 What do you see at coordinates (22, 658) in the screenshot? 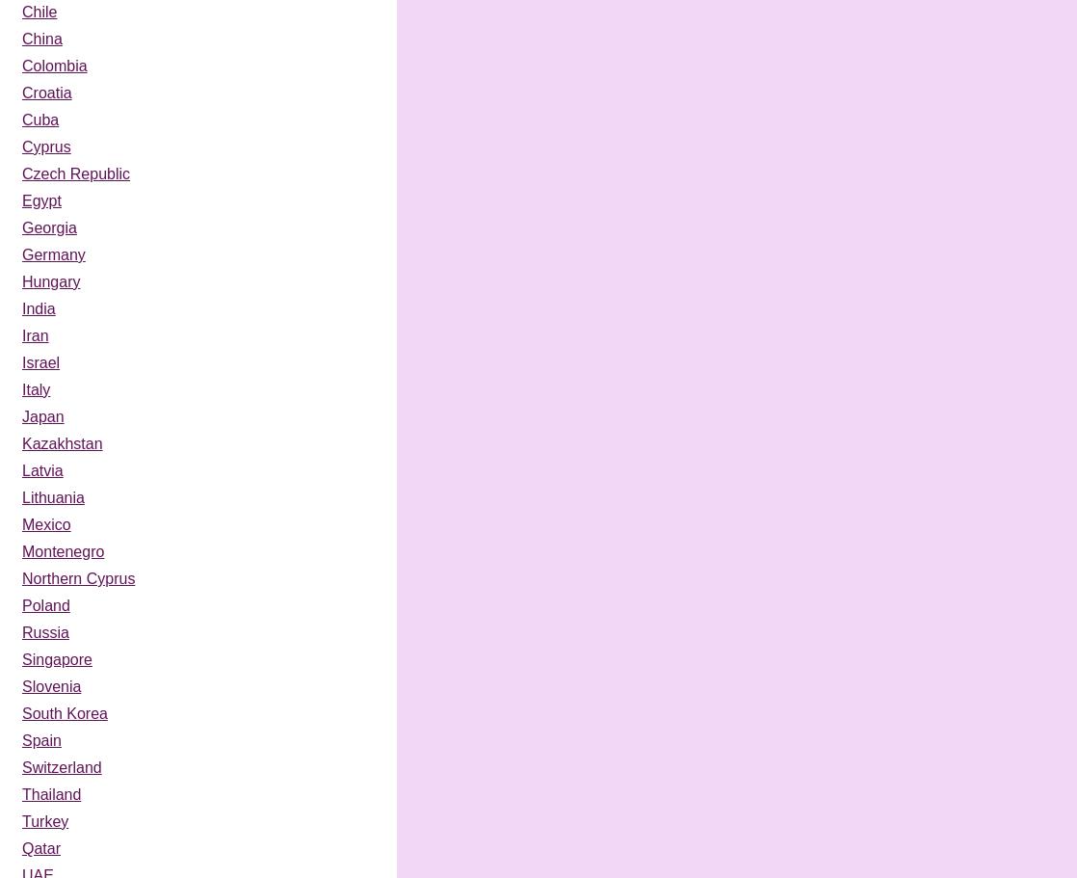
I see `'Singapore'` at bounding box center [22, 658].